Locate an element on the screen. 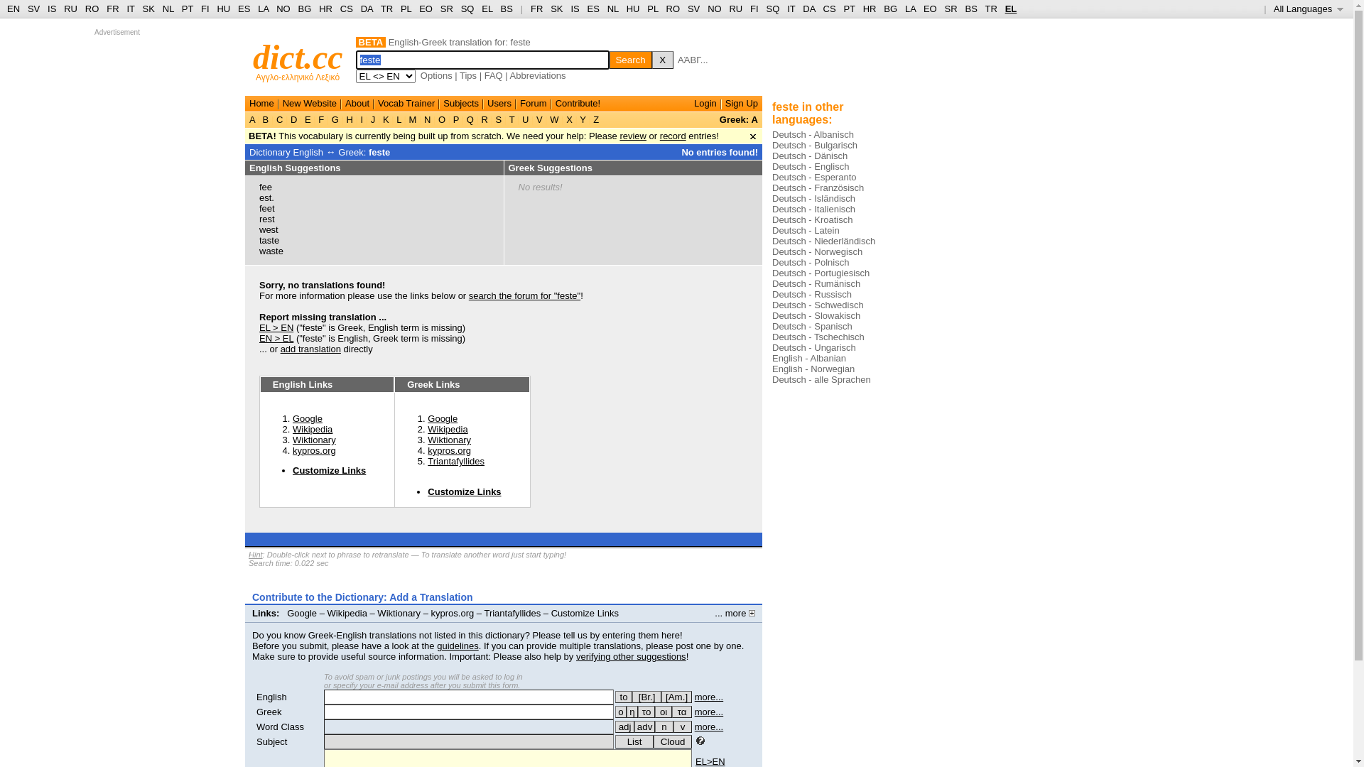 The height and width of the screenshot is (767, 1364). '(esp.) British English' is located at coordinates (646, 696).